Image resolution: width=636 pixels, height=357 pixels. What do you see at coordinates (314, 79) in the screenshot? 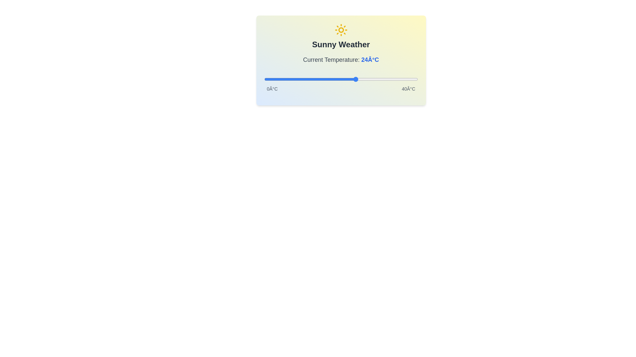
I see `the temperature` at bounding box center [314, 79].